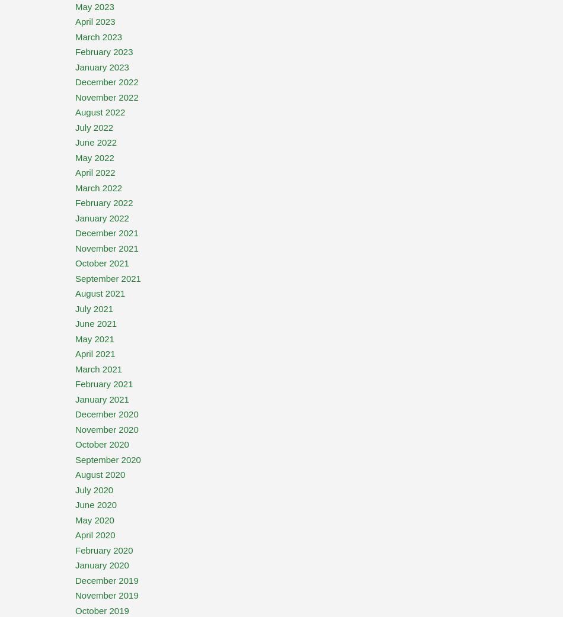 The height and width of the screenshot is (617, 563). What do you see at coordinates (95, 172) in the screenshot?
I see `'April 2022'` at bounding box center [95, 172].